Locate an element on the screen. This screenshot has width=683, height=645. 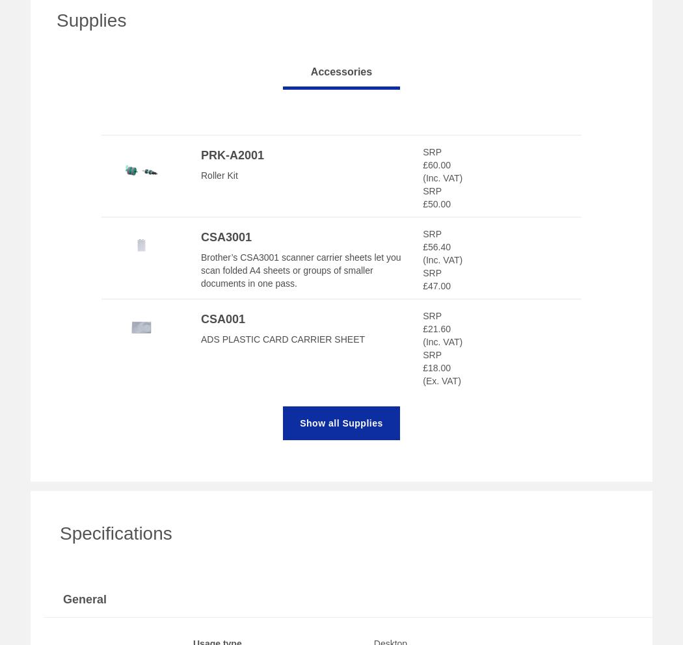
'IT & Communications' is located at coordinates (63, 538).